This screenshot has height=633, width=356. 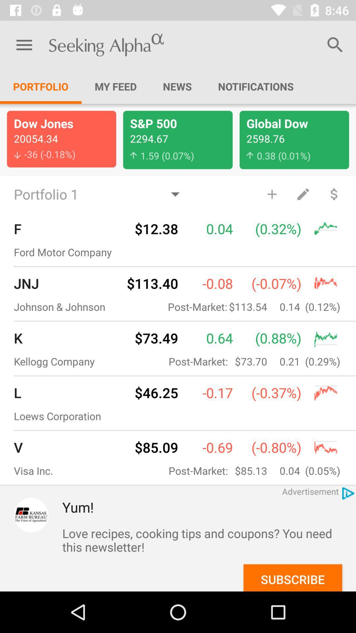 I want to click on edit, so click(x=303, y=194).